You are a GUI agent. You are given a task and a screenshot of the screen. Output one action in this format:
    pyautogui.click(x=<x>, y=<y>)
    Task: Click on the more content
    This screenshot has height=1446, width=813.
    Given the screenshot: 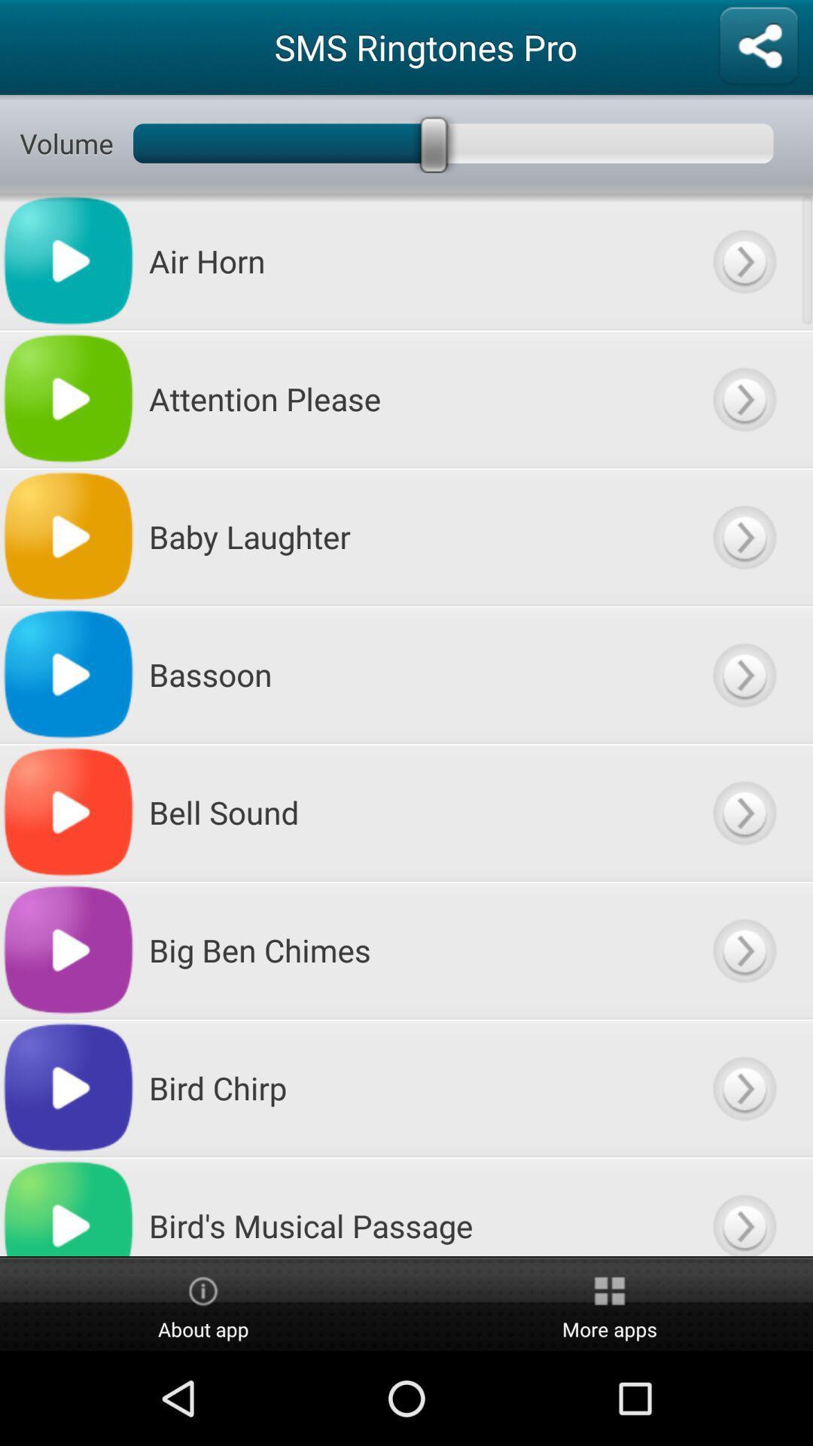 What is the action you would take?
    pyautogui.click(x=743, y=1207)
    